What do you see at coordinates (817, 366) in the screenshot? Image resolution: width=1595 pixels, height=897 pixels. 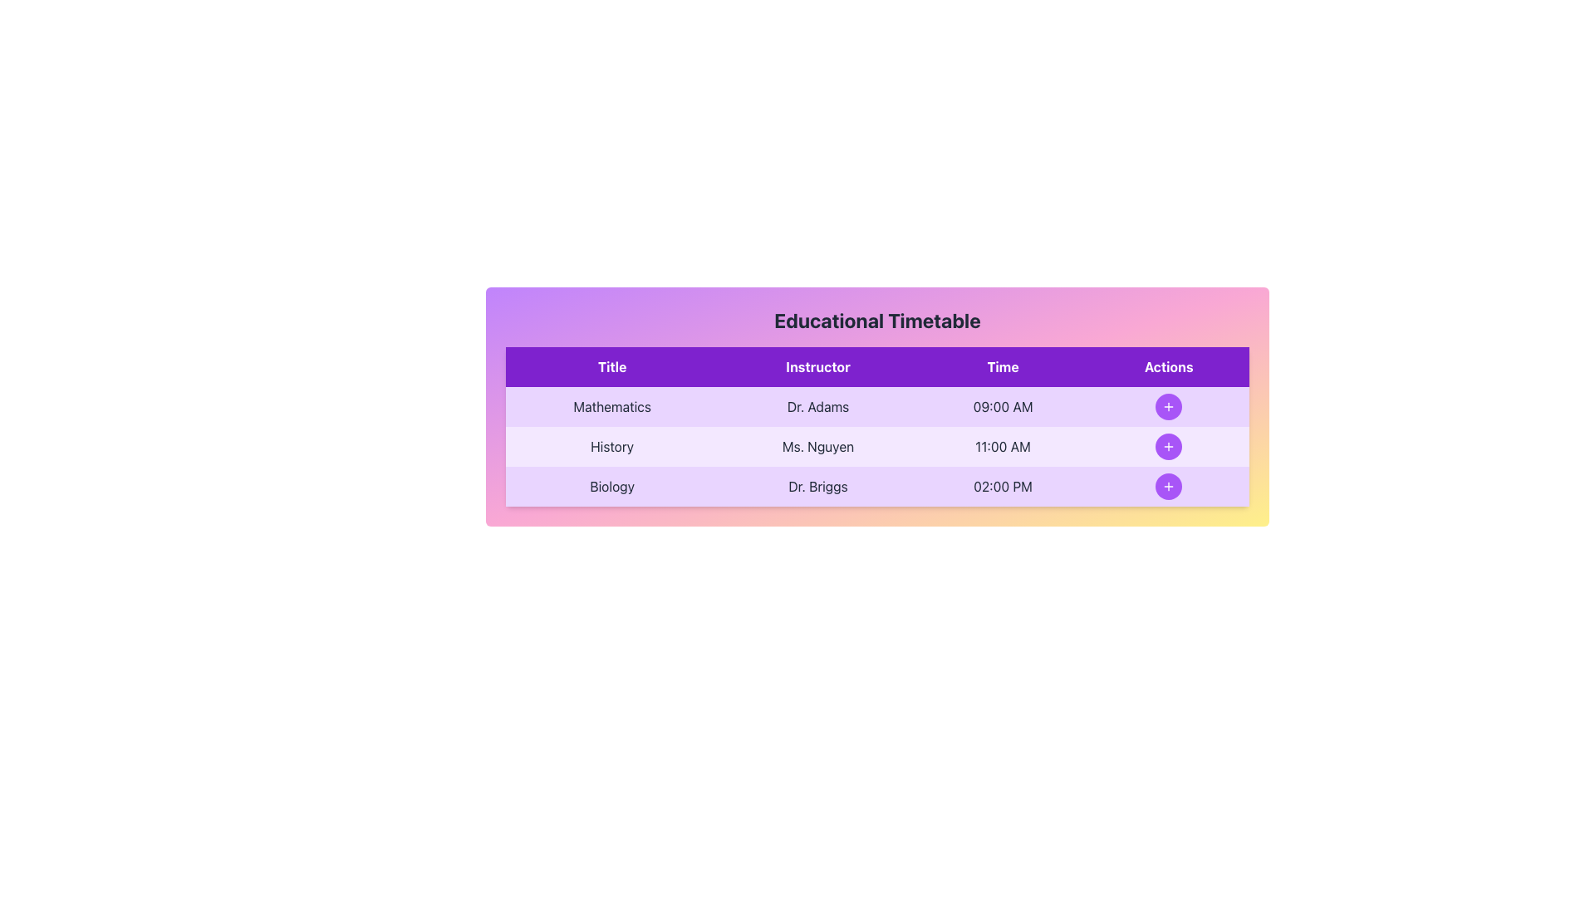 I see `the 'Instructor' label, which has a purple background and bold white text, located between the 'Title' and 'Time' columns in the timetable layout` at bounding box center [817, 366].